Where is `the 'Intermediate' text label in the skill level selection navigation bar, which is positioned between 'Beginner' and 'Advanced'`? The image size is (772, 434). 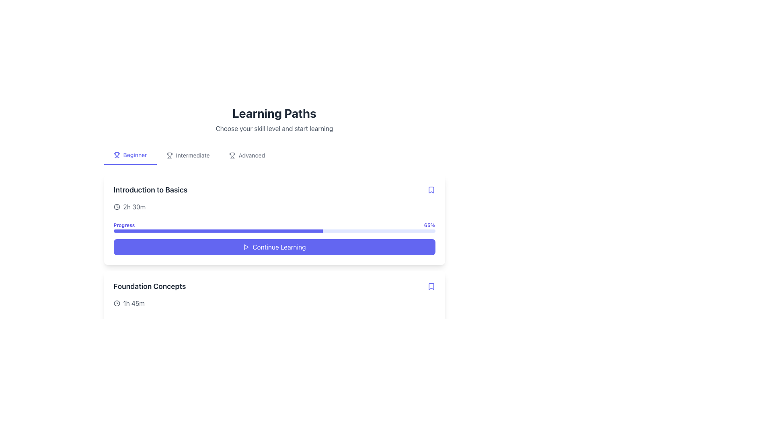 the 'Intermediate' text label in the skill level selection navigation bar, which is positioned between 'Beginner' and 'Advanced' is located at coordinates (192, 155).